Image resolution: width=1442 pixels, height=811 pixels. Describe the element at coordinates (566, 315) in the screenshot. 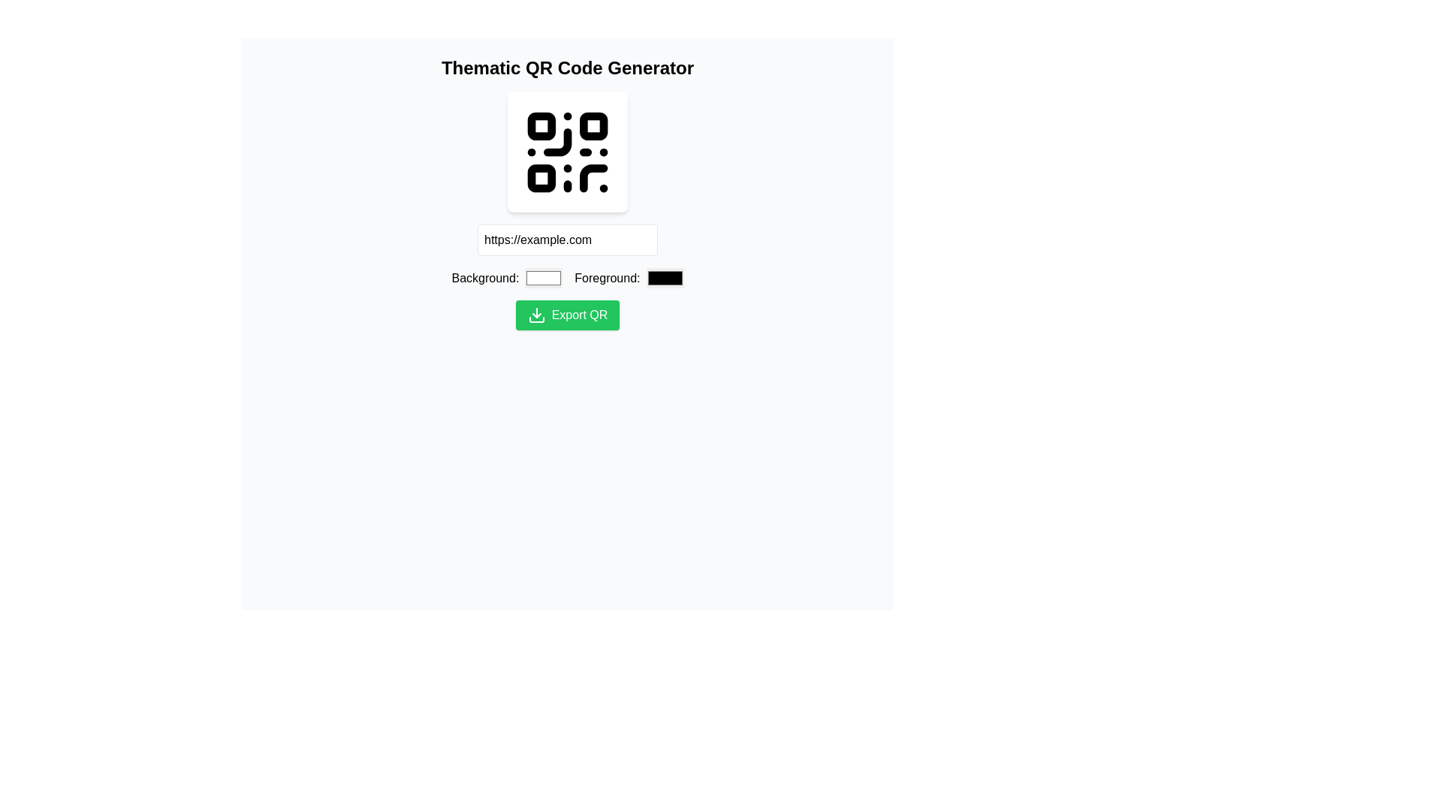

I see `the export QR code button located in the lower section of the main content area, below the URL input field and color pickers` at that location.